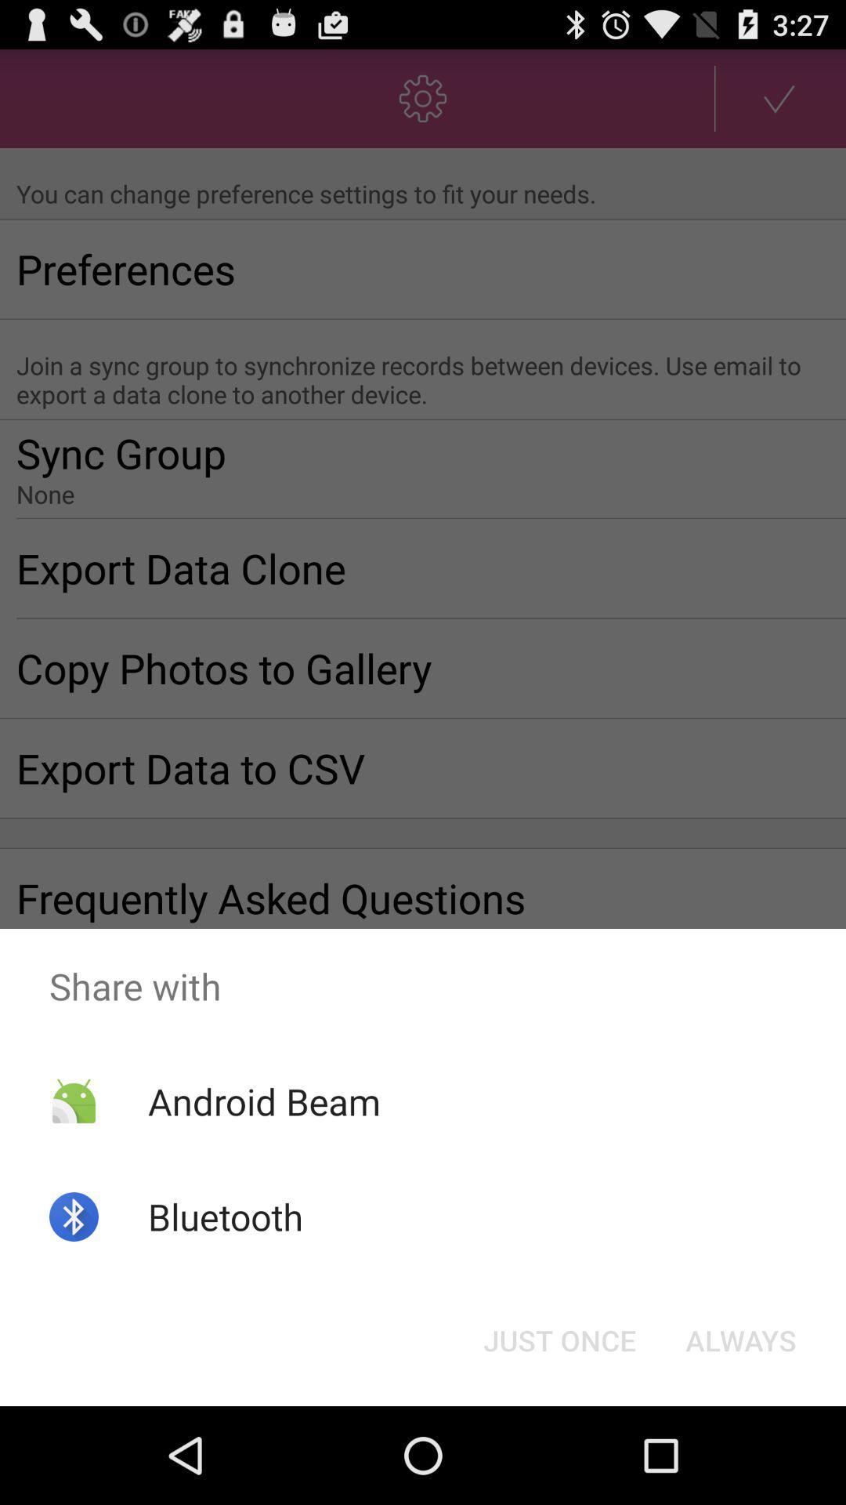 The height and width of the screenshot is (1505, 846). I want to click on the always at the bottom right corner, so click(740, 1339).